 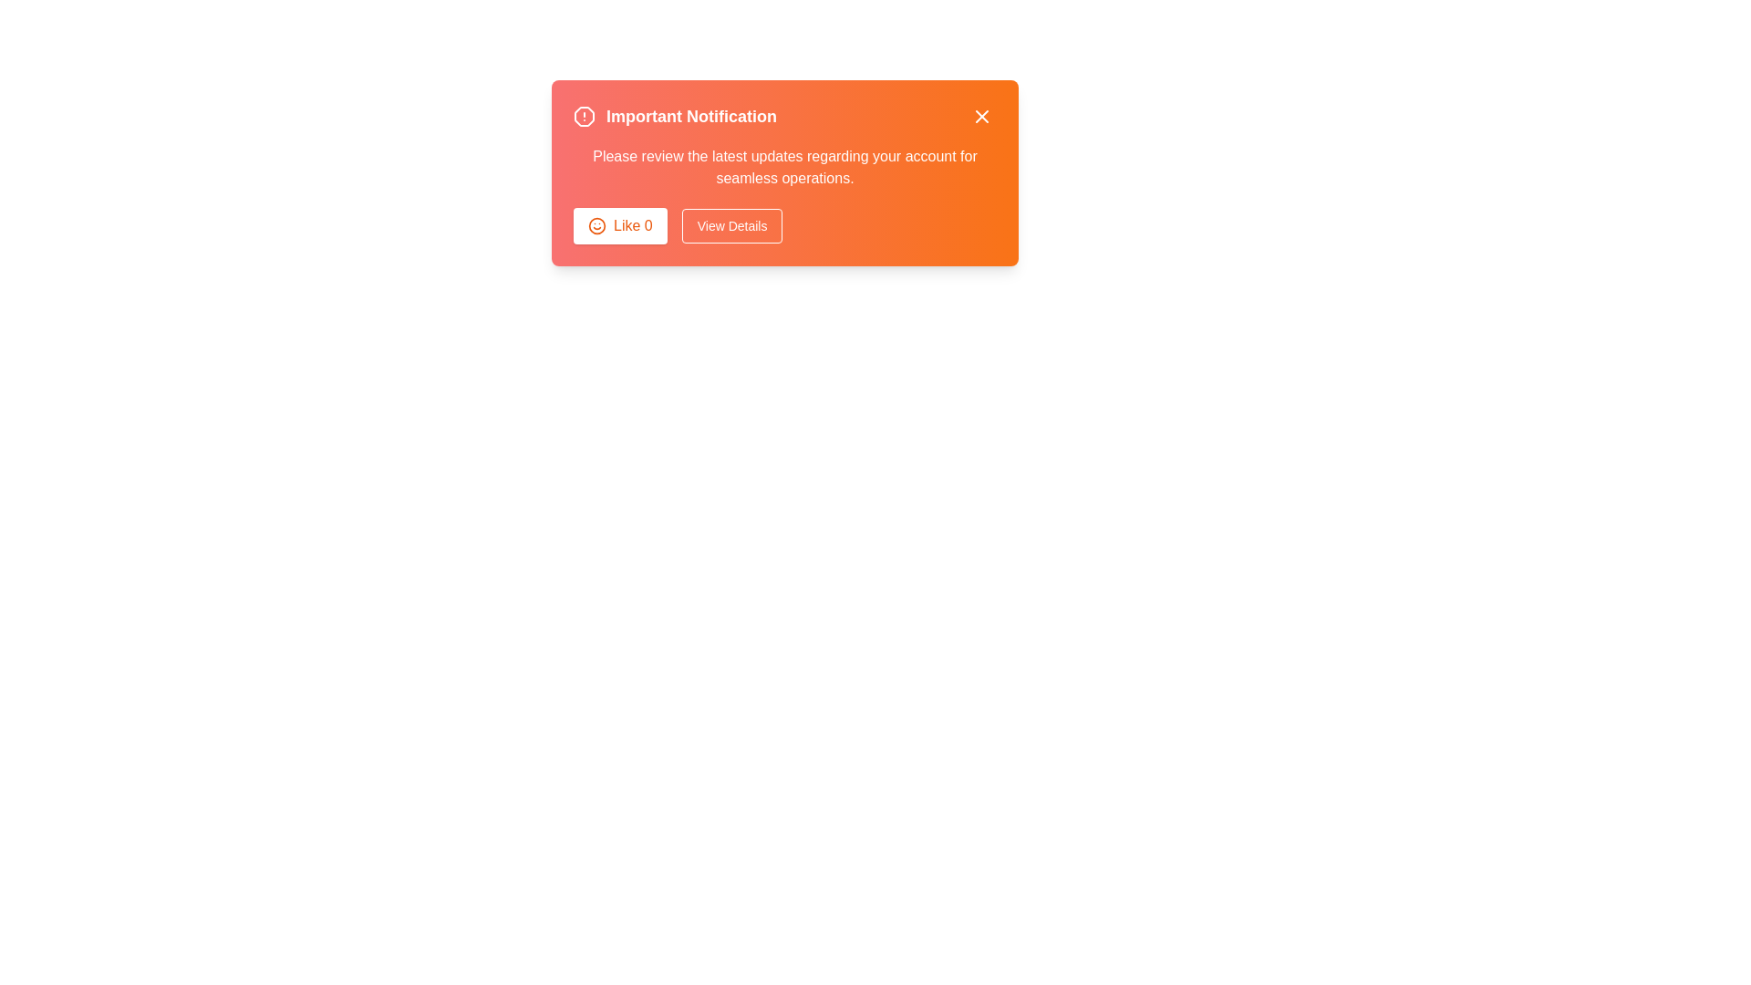 What do you see at coordinates (731, 224) in the screenshot?
I see `the 'View Details' button to display more information` at bounding box center [731, 224].